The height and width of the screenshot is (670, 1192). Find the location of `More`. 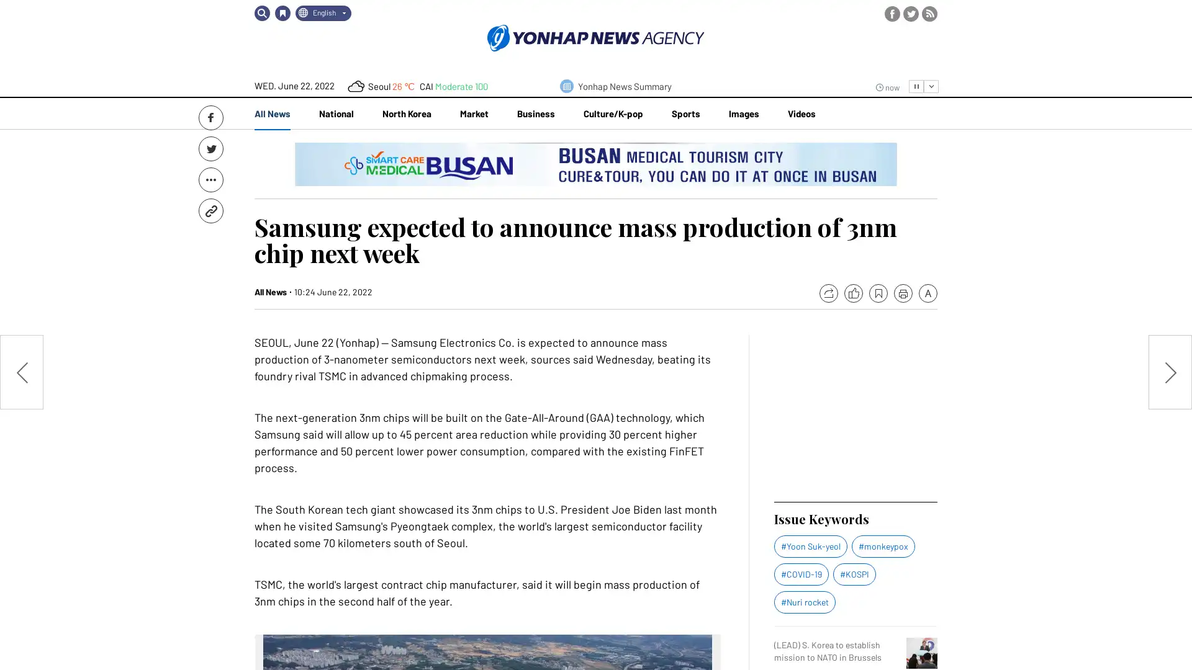

More is located at coordinates (211, 179).